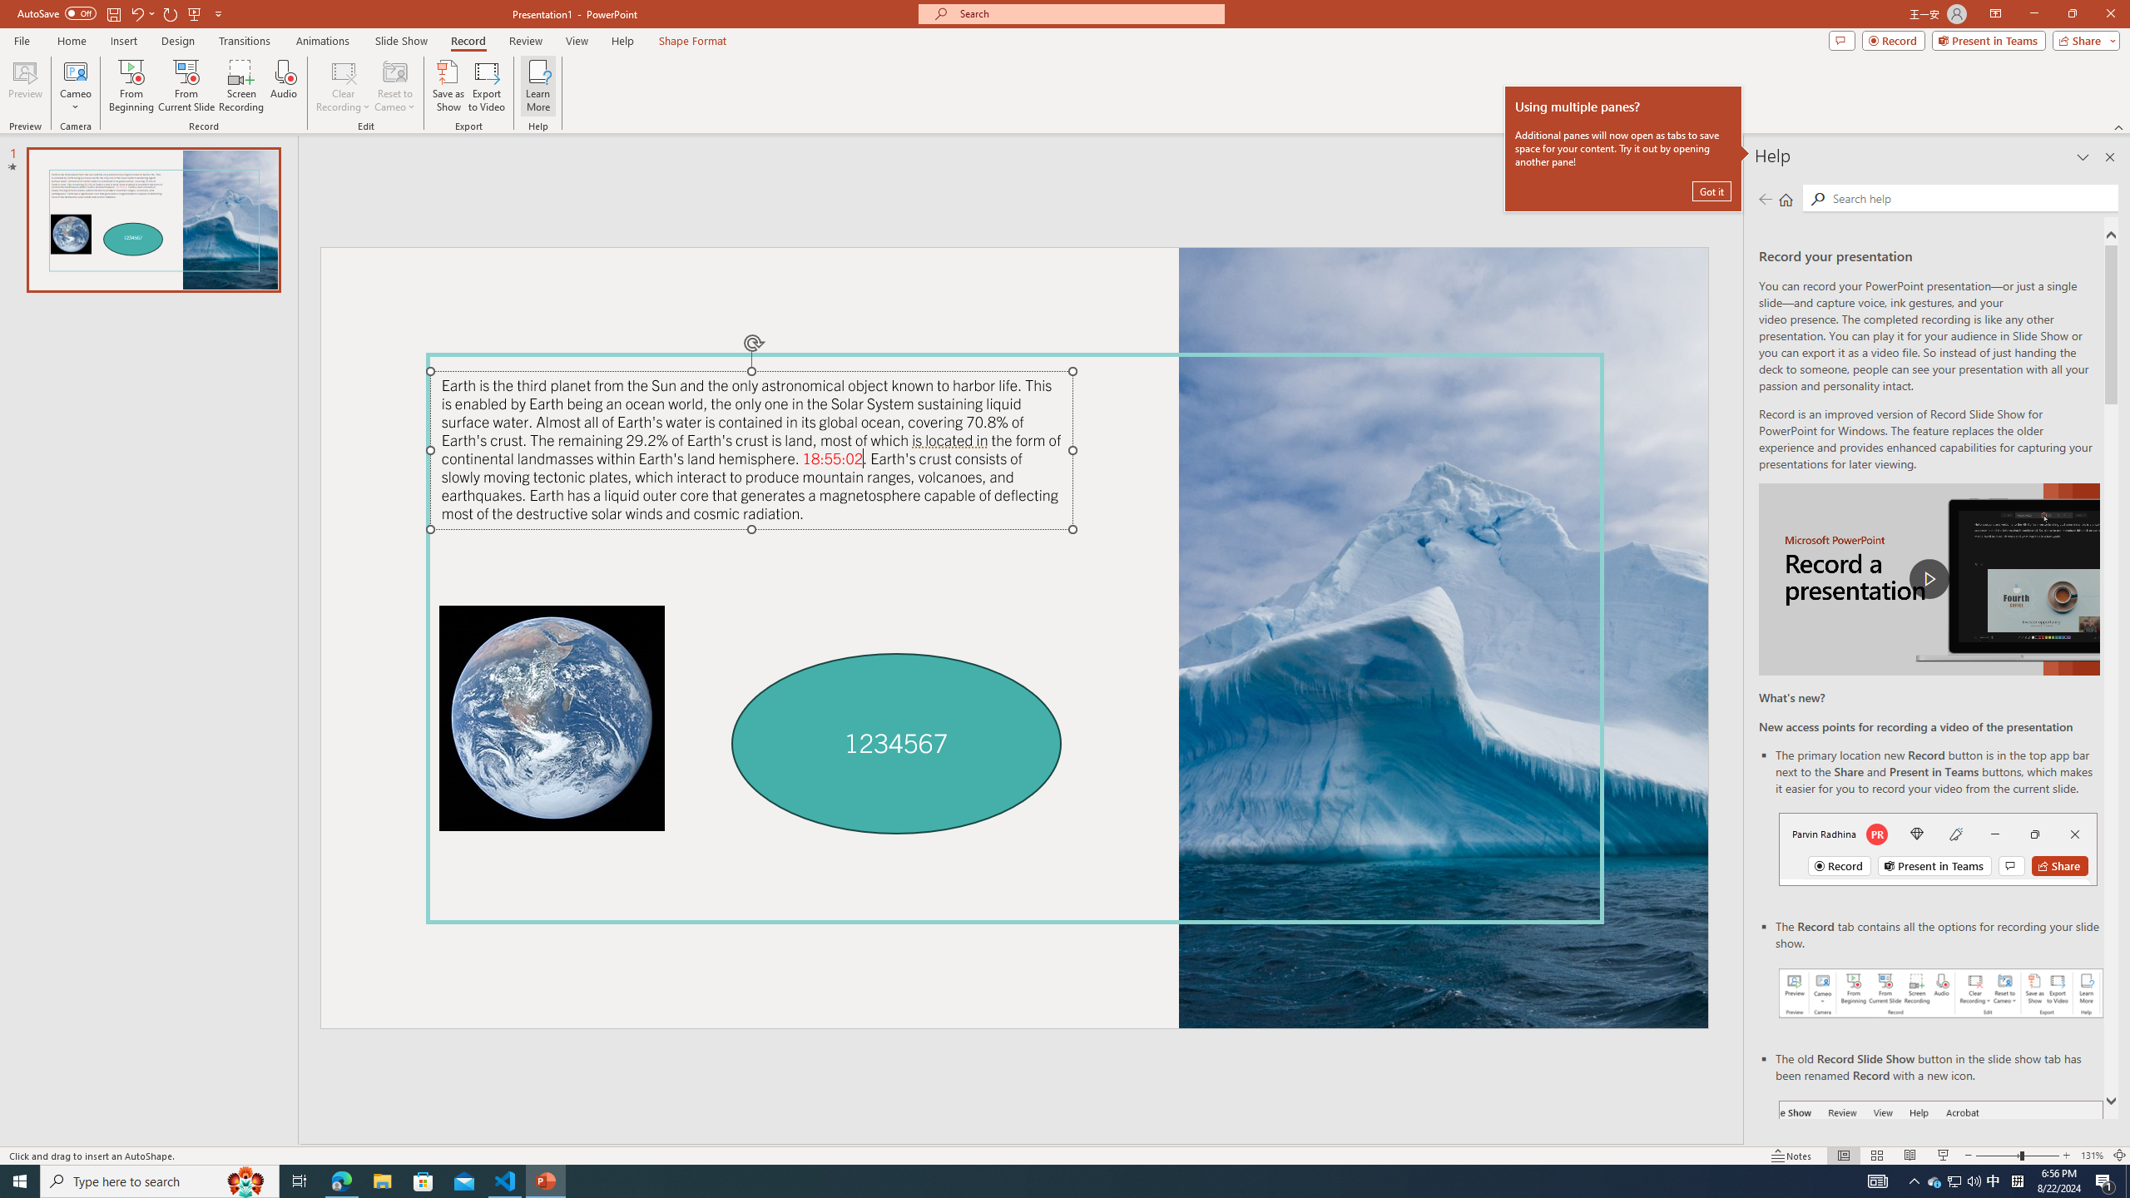 The height and width of the screenshot is (1198, 2130). What do you see at coordinates (1929, 579) in the screenshot?
I see `'play Record a Presentation'` at bounding box center [1929, 579].